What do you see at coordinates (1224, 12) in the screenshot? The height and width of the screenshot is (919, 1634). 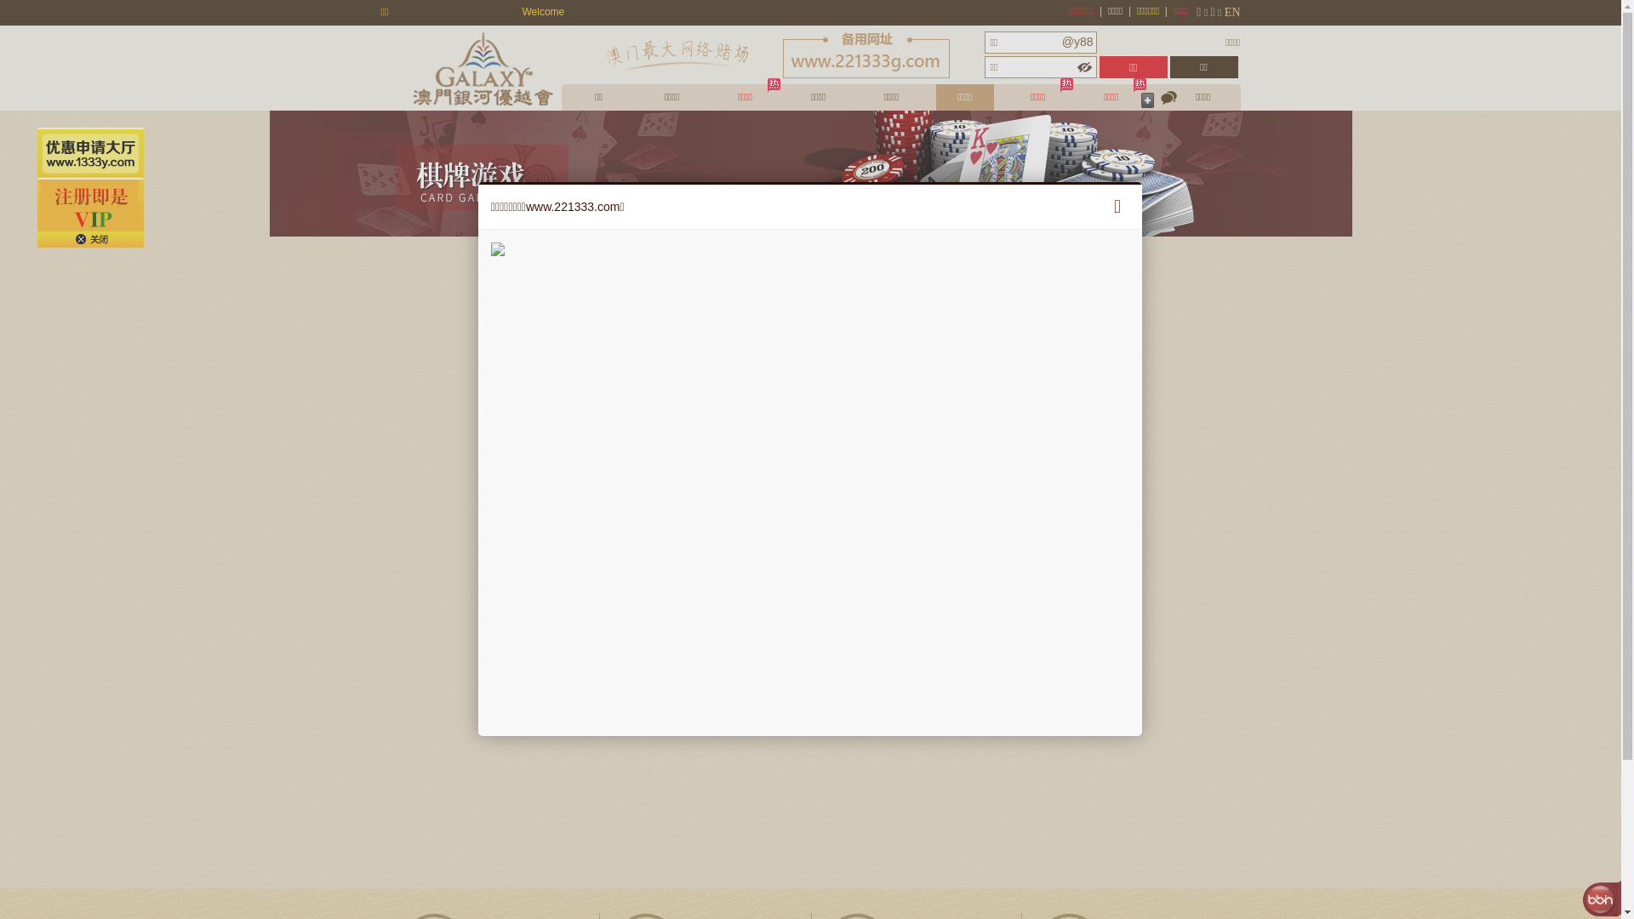 I see `'EN'` at bounding box center [1224, 12].